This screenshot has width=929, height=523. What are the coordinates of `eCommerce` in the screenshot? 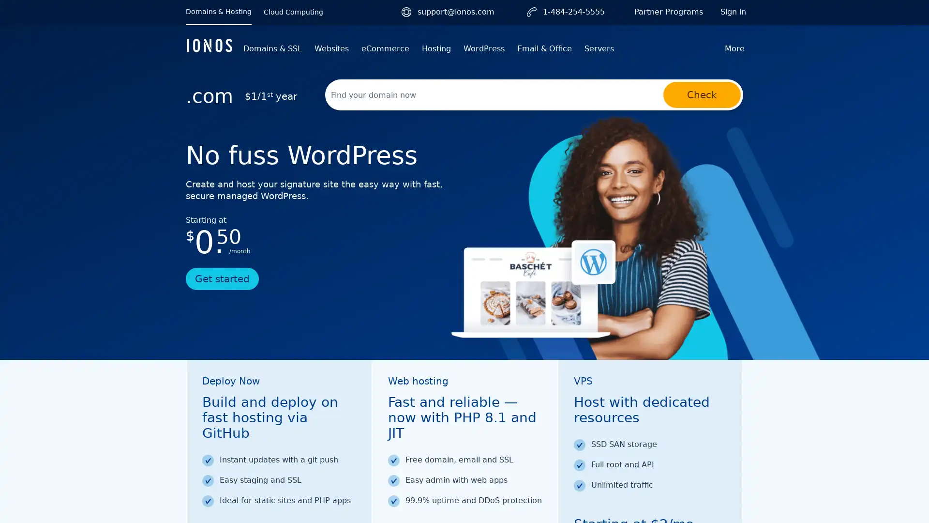 It's located at (385, 48).